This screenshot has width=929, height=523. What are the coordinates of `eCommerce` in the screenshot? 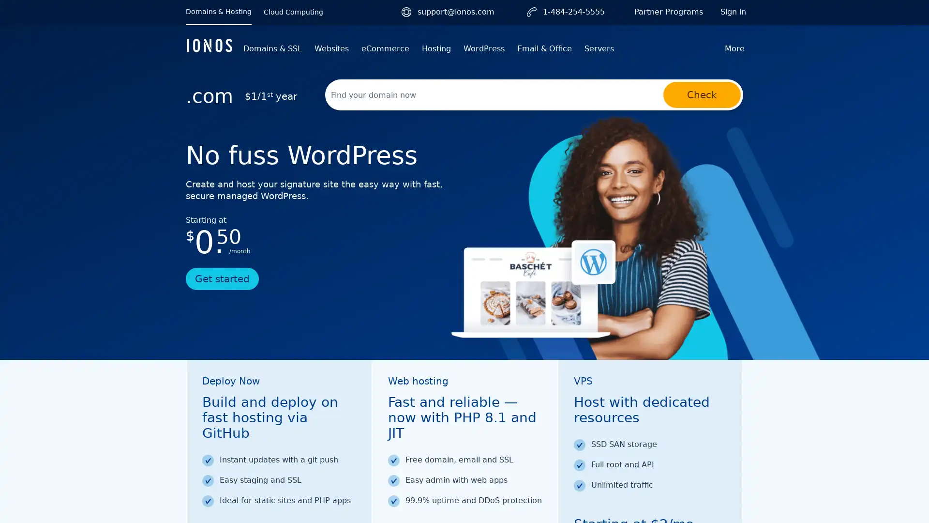 It's located at (385, 48).